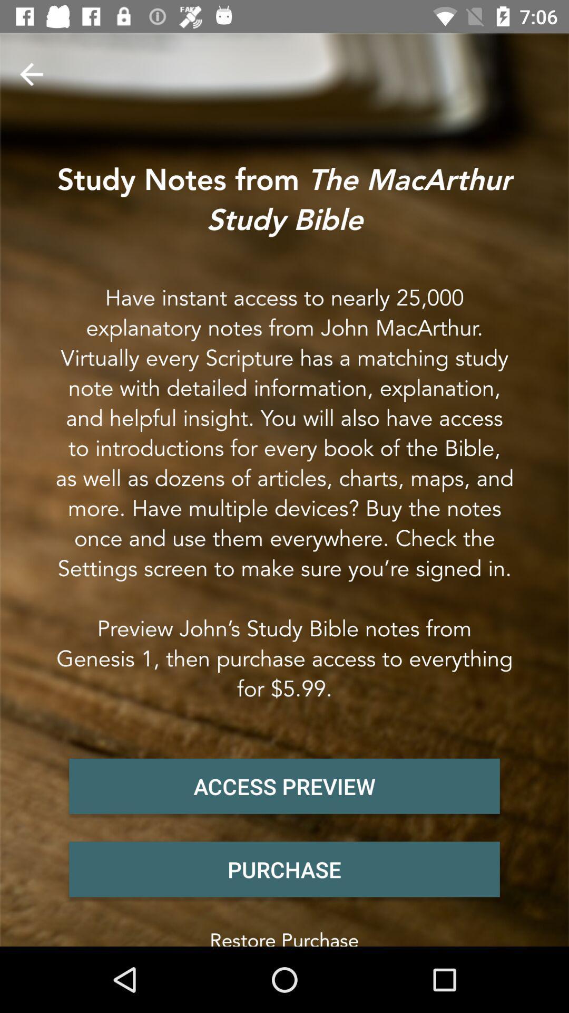 Image resolution: width=569 pixels, height=1013 pixels. Describe the element at coordinates (284, 786) in the screenshot. I see `access preview` at that location.